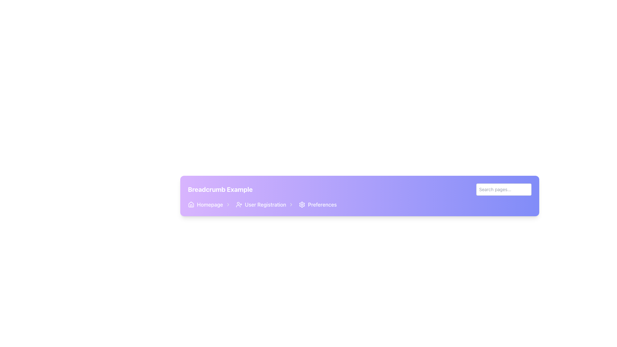  Describe the element at coordinates (209, 204) in the screenshot. I see `the 'Homepage' breadcrumb link, which is the first item in the breadcrumb navigation bar styled in white font on a purple gradient background with a house icon` at that location.